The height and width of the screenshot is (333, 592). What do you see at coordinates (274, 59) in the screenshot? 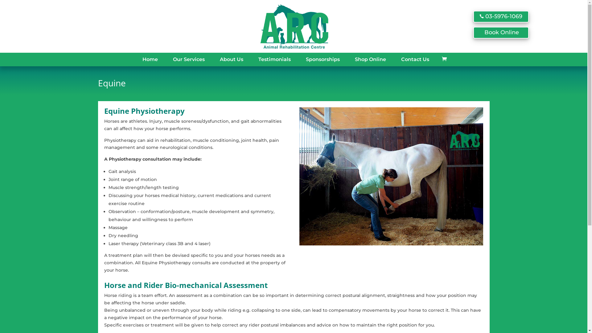
I see `'Testimonials'` at bounding box center [274, 59].